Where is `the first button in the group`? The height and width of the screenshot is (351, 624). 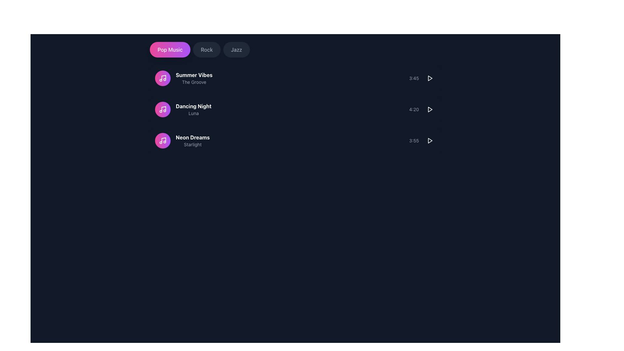
the first button in the group is located at coordinates (170, 49).